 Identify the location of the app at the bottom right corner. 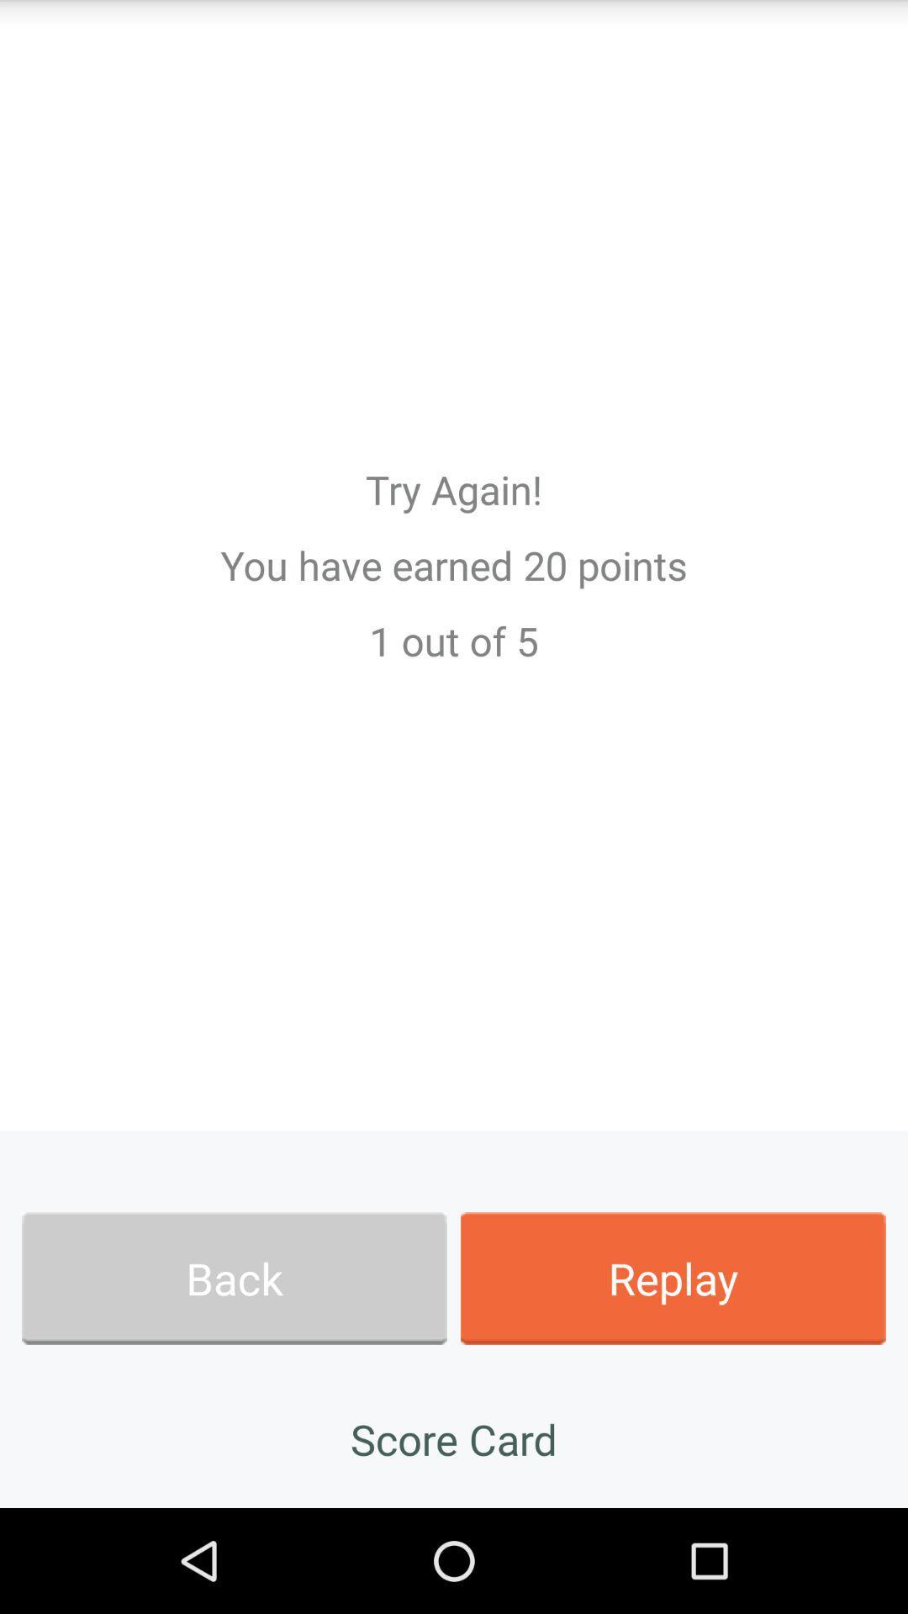
(673, 1278).